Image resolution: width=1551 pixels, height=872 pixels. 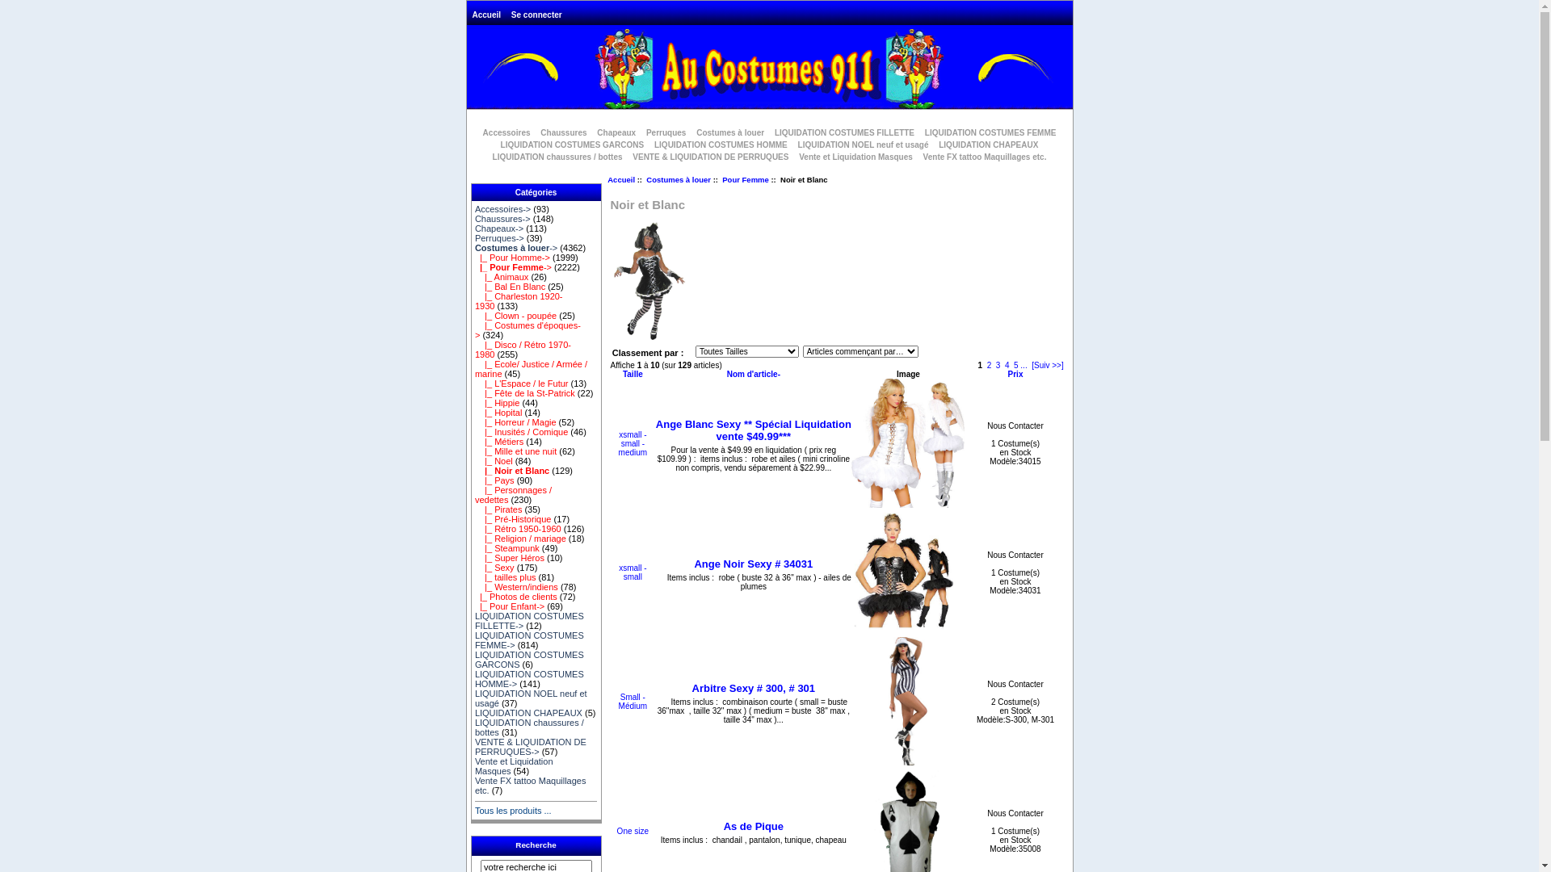 I want to click on 'Arbitre Sexy # 300, # 301', so click(x=753, y=688).